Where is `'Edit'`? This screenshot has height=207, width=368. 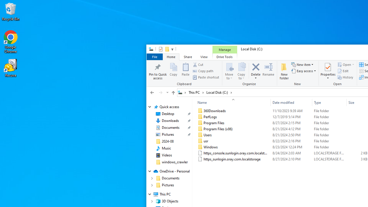 'Edit' is located at coordinates (343, 70).